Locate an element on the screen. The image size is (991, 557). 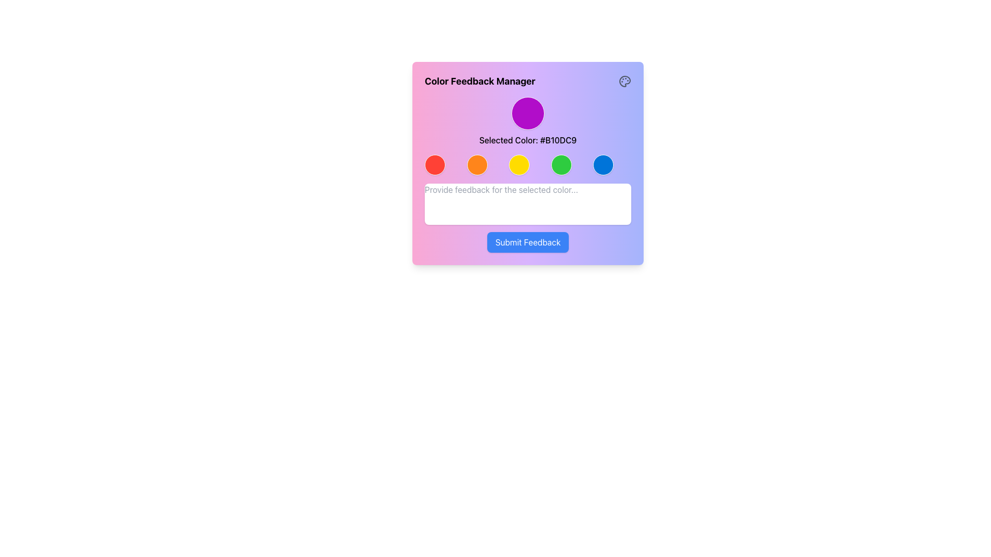
the third button in a horizontal row of five buttons is located at coordinates (519, 165).